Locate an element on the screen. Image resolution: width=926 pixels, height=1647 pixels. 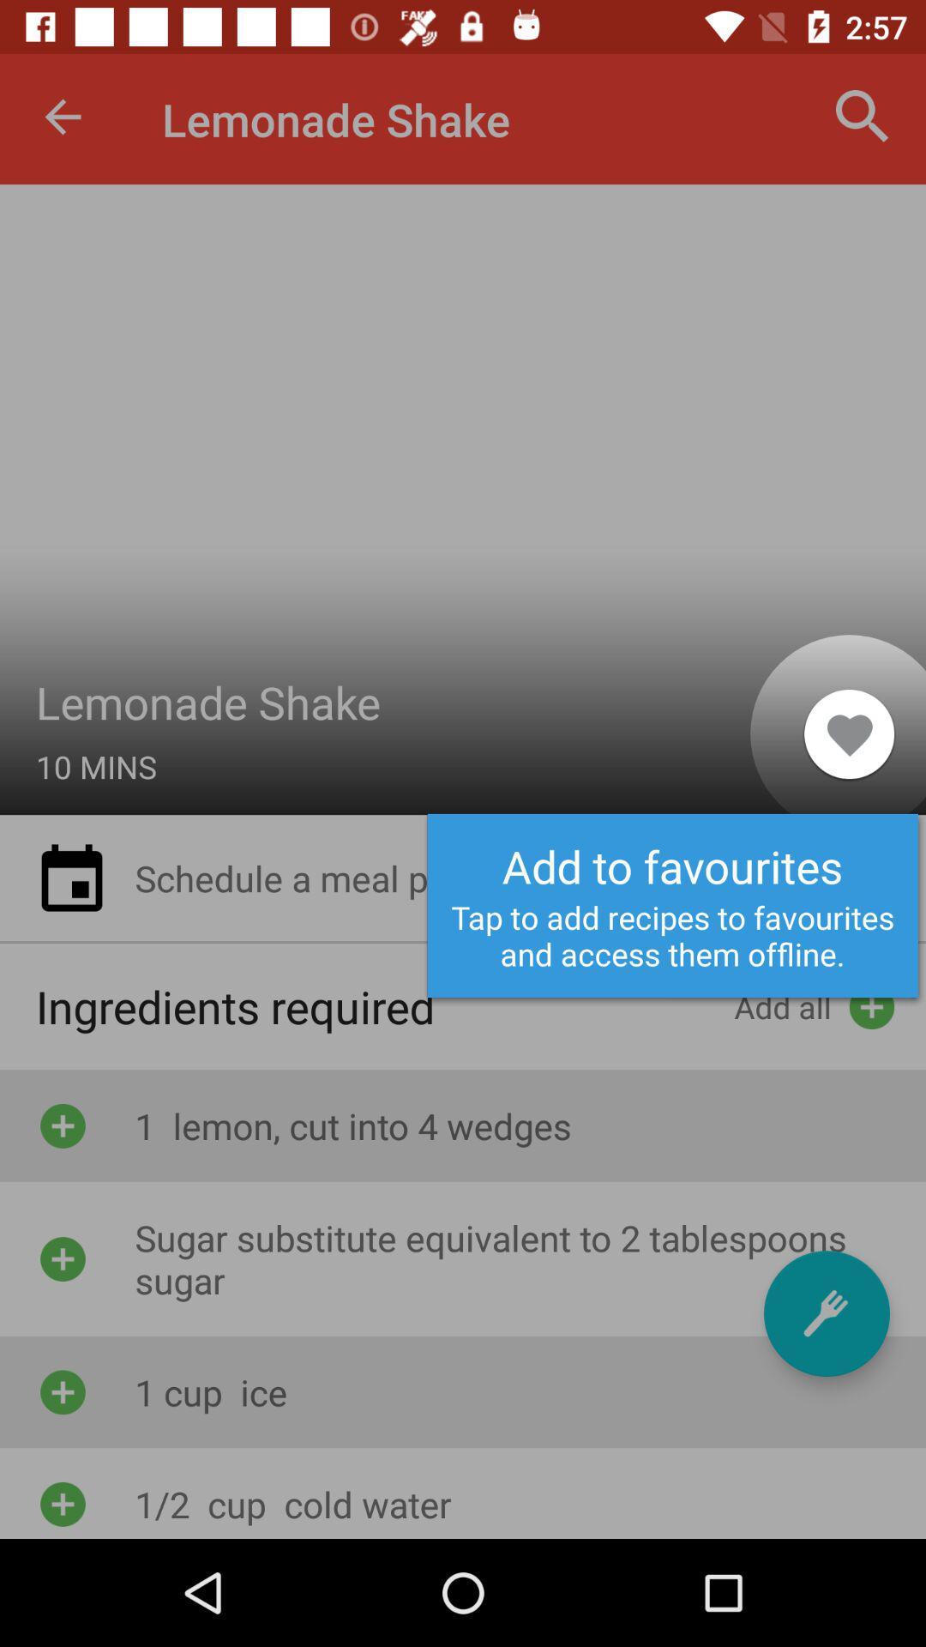
the edit icon is located at coordinates (826, 1312).